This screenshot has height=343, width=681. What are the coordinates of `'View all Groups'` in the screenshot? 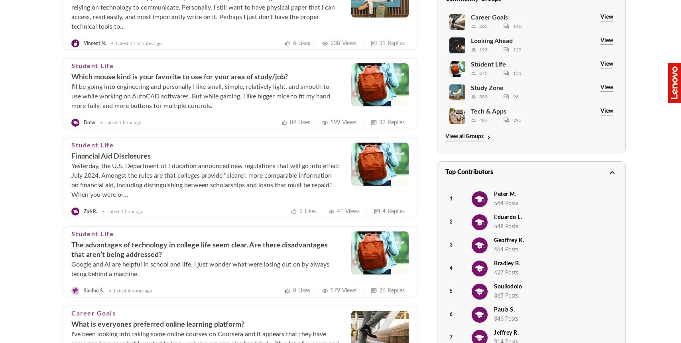 It's located at (464, 135).